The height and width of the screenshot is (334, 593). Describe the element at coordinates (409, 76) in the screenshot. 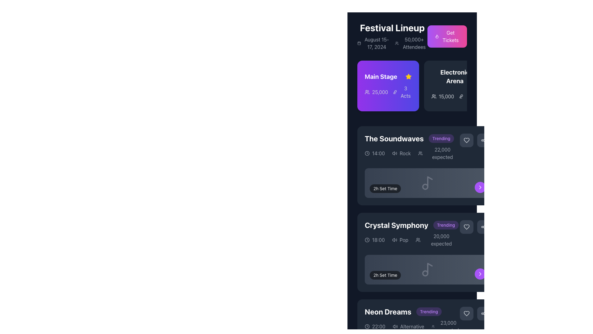

I see `the rating icon located beside the textual description that indicates it as a marker icon within the event details section` at that location.